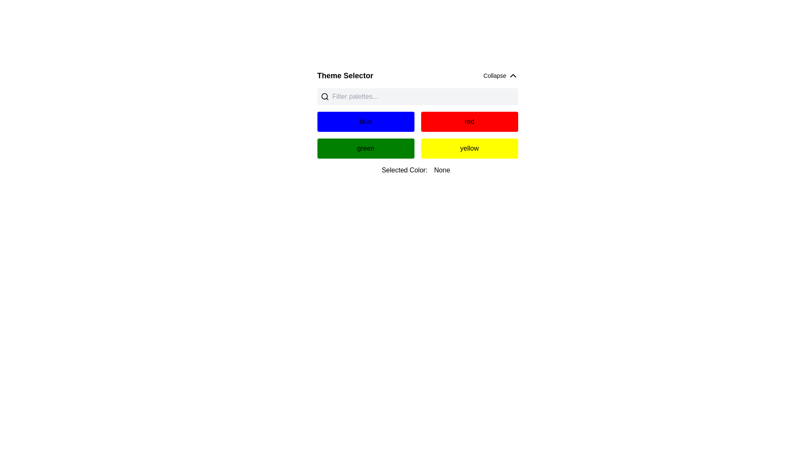 Image resolution: width=803 pixels, height=452 pixels. I want to click on the expandable/collapsible icon located to the right of the 'Collapse' text in the header area, so click(512, 76).